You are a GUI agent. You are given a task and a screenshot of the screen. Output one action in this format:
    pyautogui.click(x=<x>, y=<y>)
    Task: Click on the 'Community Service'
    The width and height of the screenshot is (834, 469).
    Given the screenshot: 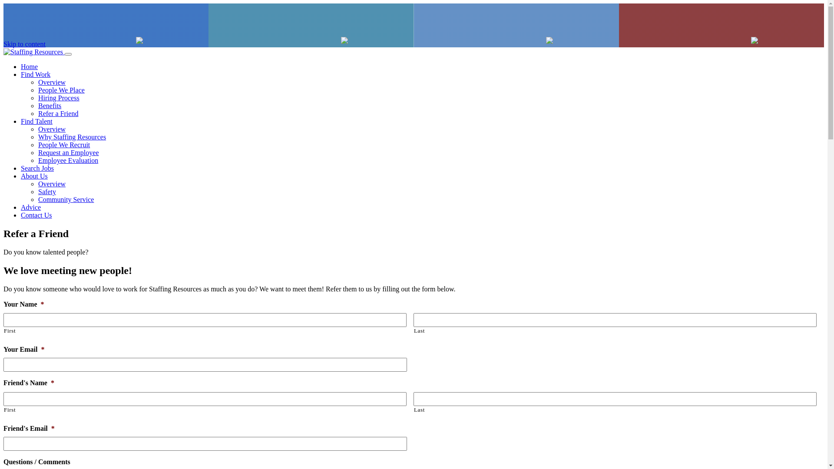 What is the action you would take?
    pyautogui.click(x=66, y=199)
    